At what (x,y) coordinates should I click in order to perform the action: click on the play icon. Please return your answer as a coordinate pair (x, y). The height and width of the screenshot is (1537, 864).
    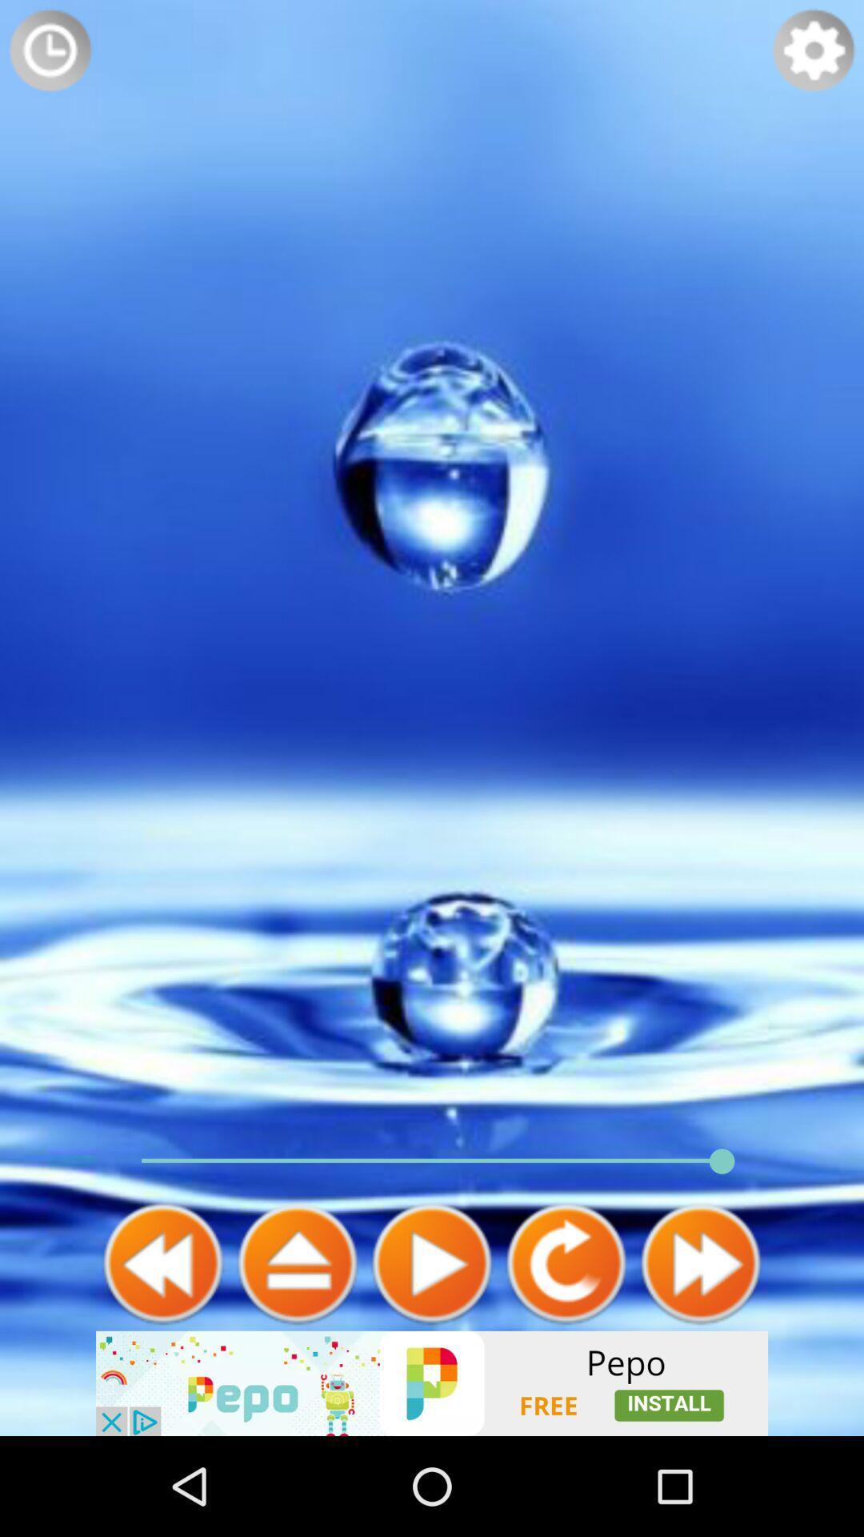
    Looking at the image, I should click on (432, 1351).